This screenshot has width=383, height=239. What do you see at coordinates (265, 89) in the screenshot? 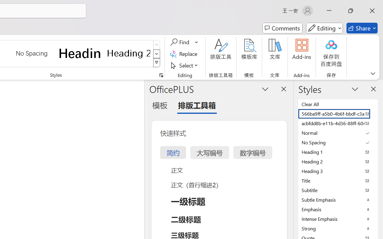
I see `'Task Pane Options'` at bounding box center [265, 89].